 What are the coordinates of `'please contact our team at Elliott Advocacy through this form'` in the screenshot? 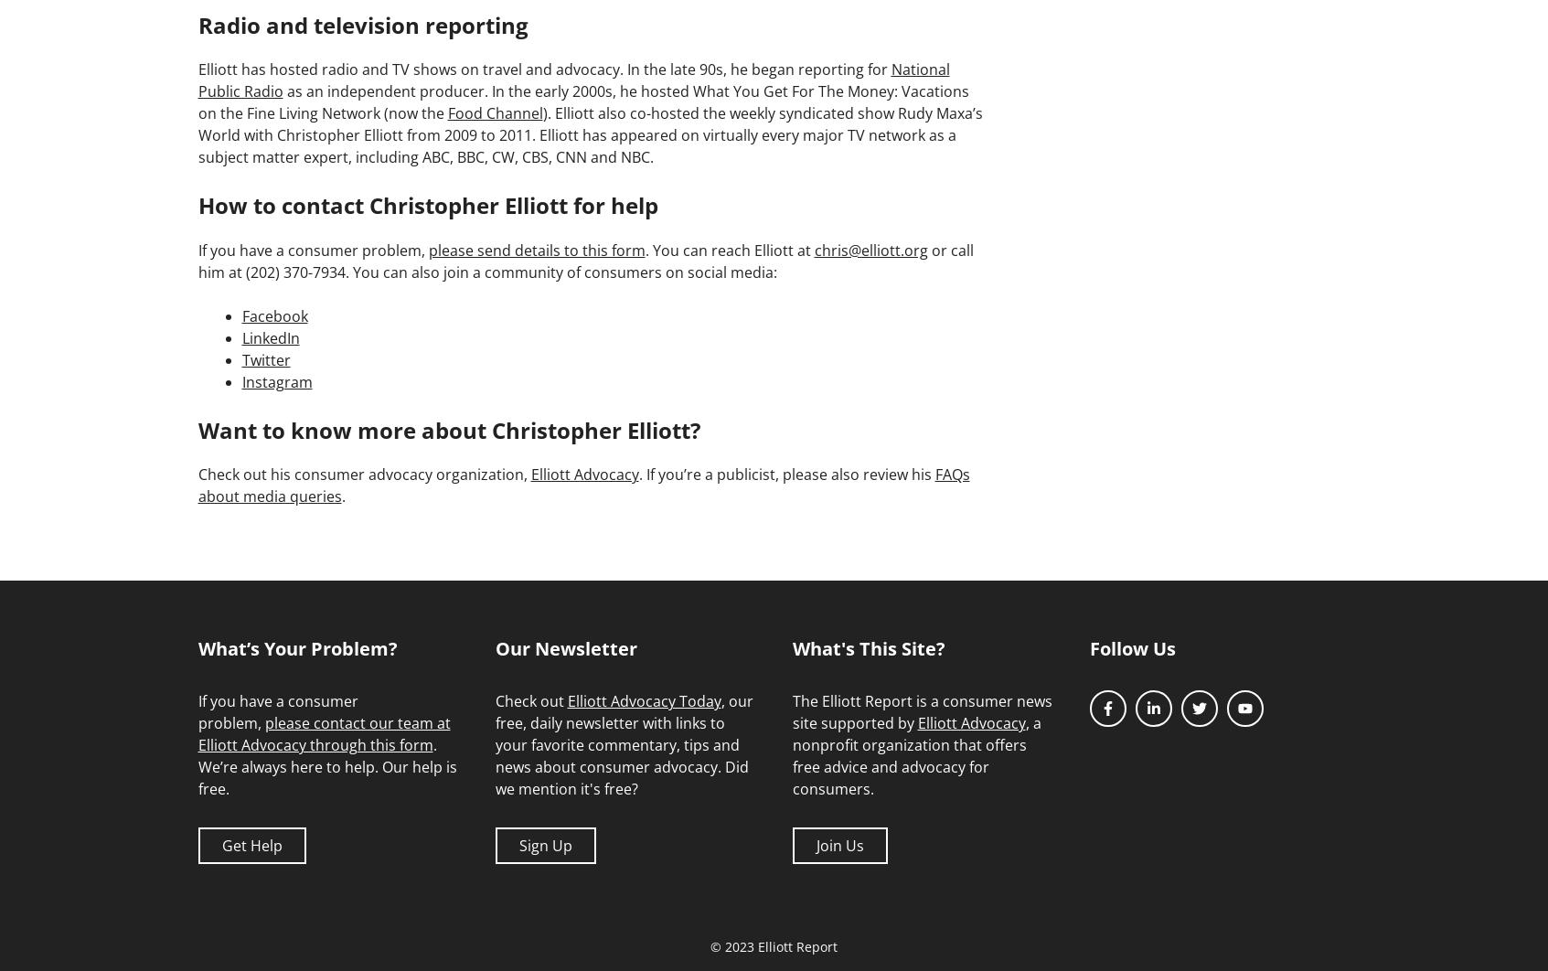 It's located at (324, 732).